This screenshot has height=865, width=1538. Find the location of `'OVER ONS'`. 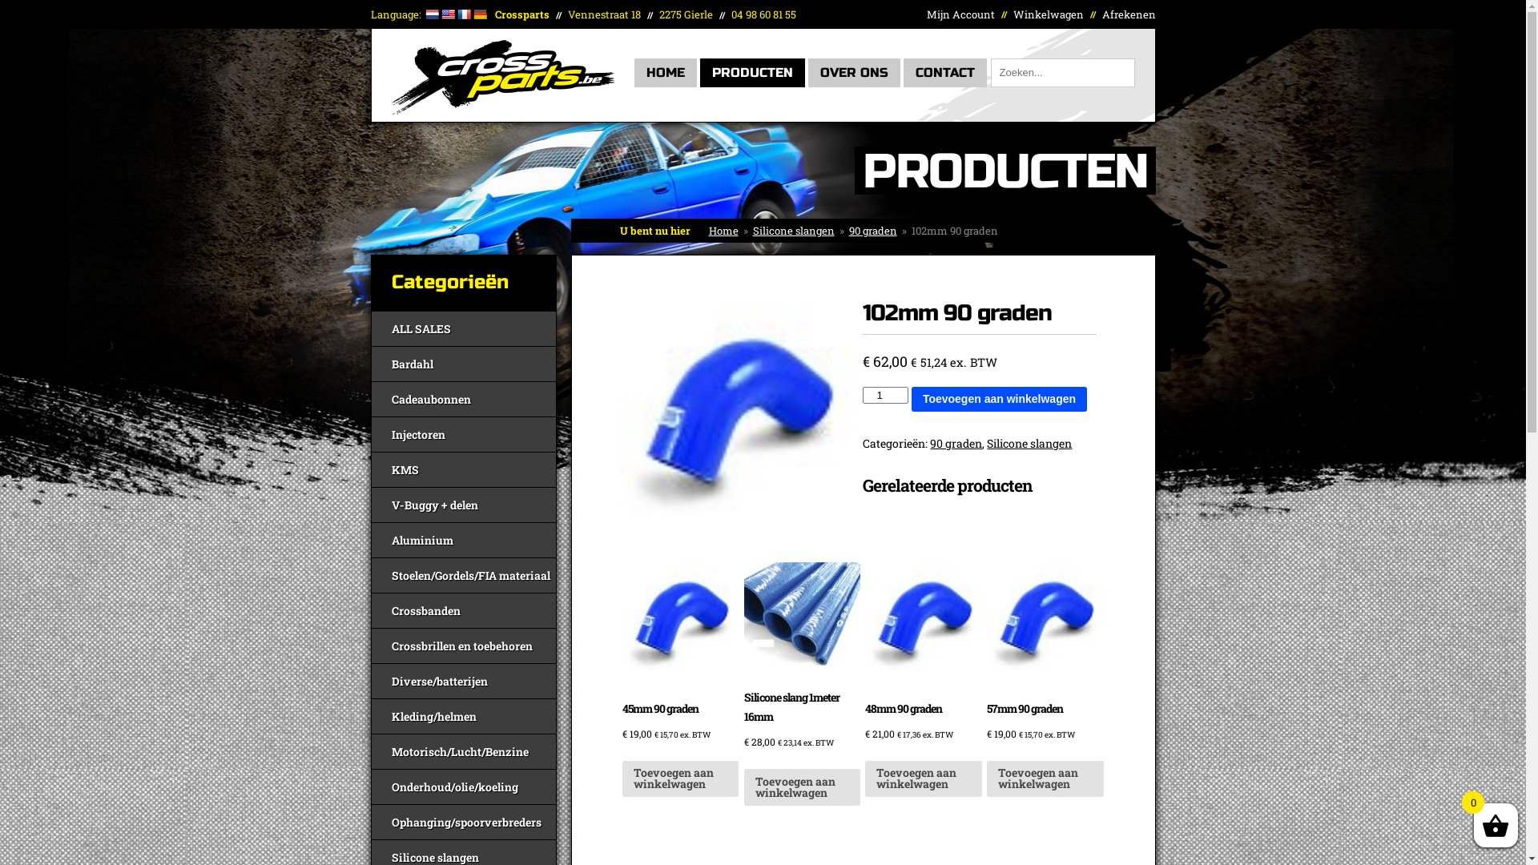

'OVER ONS' is located at coordinates (852, 73).